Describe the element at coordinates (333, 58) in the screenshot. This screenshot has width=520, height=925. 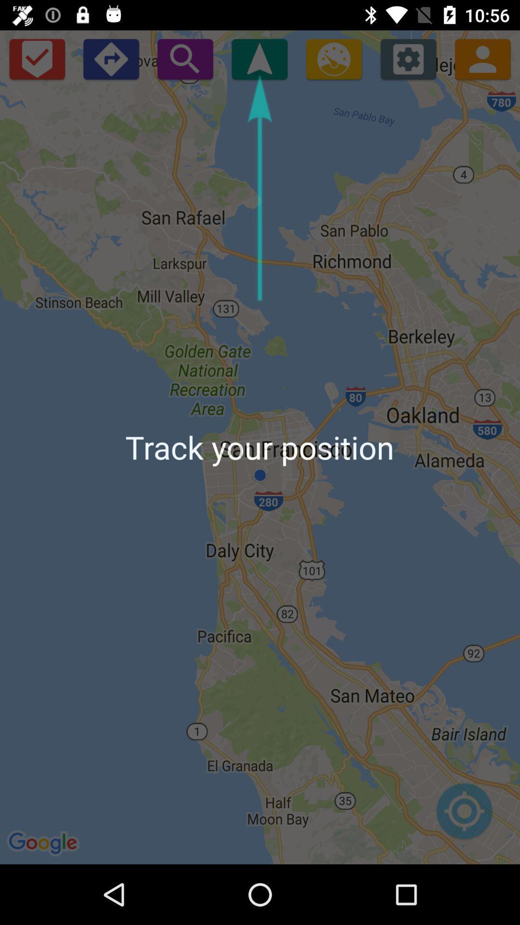
I see `the settings icon` at that location.